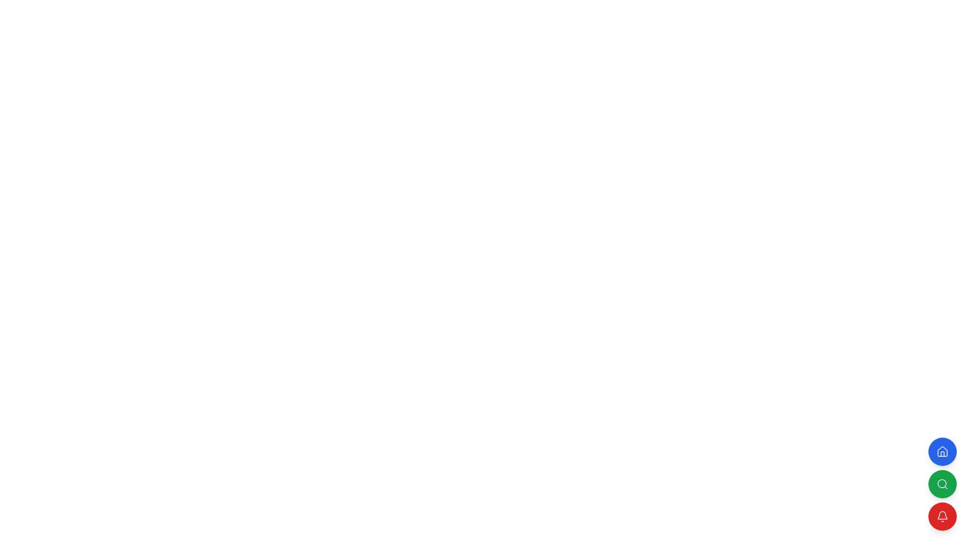 The height and width of the screenshot is (547, 973). What do you see at coordinates (942, 516) in the screenshot?
I see `the red circular button with a white bell icon located at the bottom-right corner of the interface` at bounding box center [942, 516].